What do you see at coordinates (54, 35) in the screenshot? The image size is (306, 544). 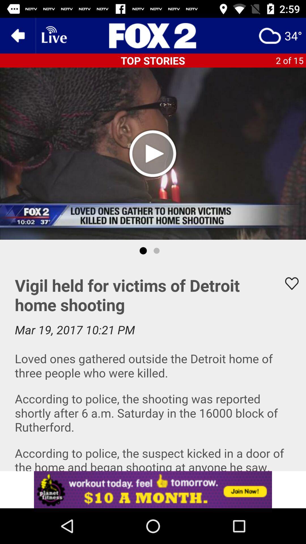 I see `live page` at bounding box center [54, 35].